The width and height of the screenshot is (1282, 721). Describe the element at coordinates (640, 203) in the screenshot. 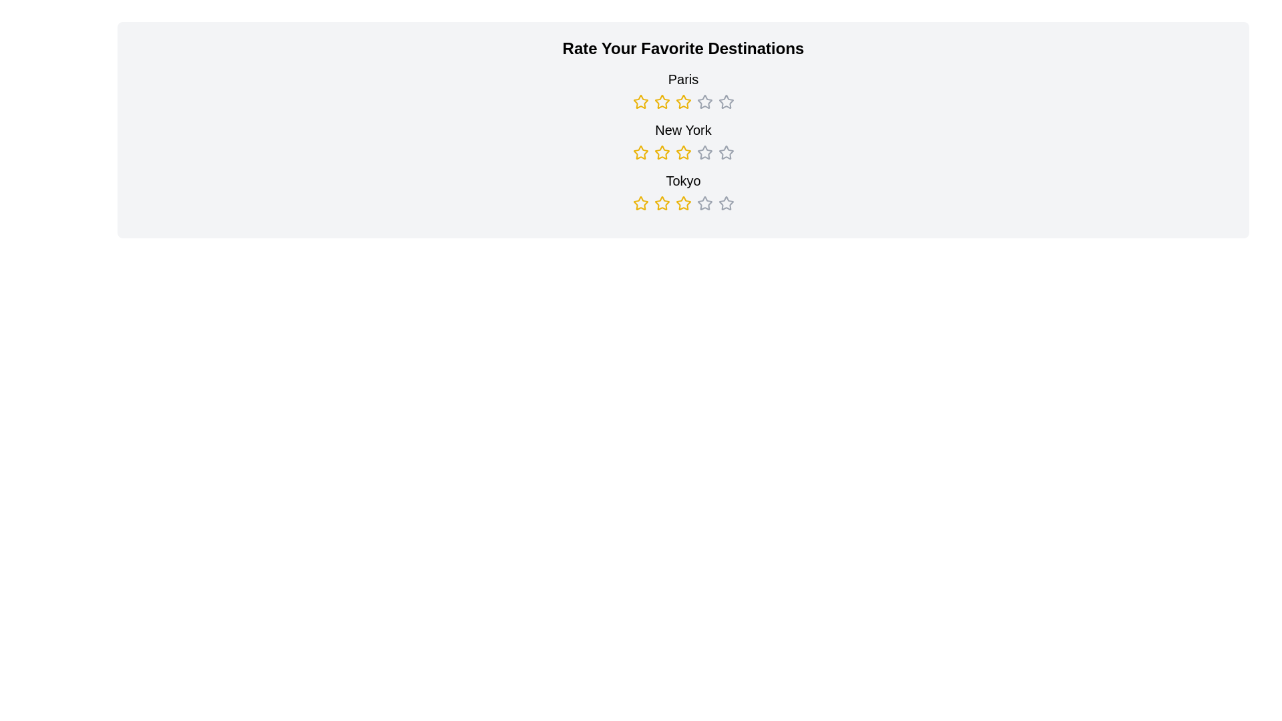

I see `the first star rating icon located in the bottommost row under the 'Tokyo' label` at that location.